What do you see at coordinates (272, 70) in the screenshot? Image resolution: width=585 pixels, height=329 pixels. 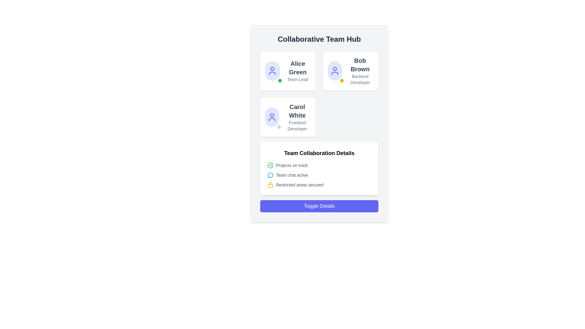 I see `the Profile Picture with Status Badge located on the left side of the 'Alice Green Team Lead' section in the Collaborative Team Hub interface` at bounding box center [272, 70].